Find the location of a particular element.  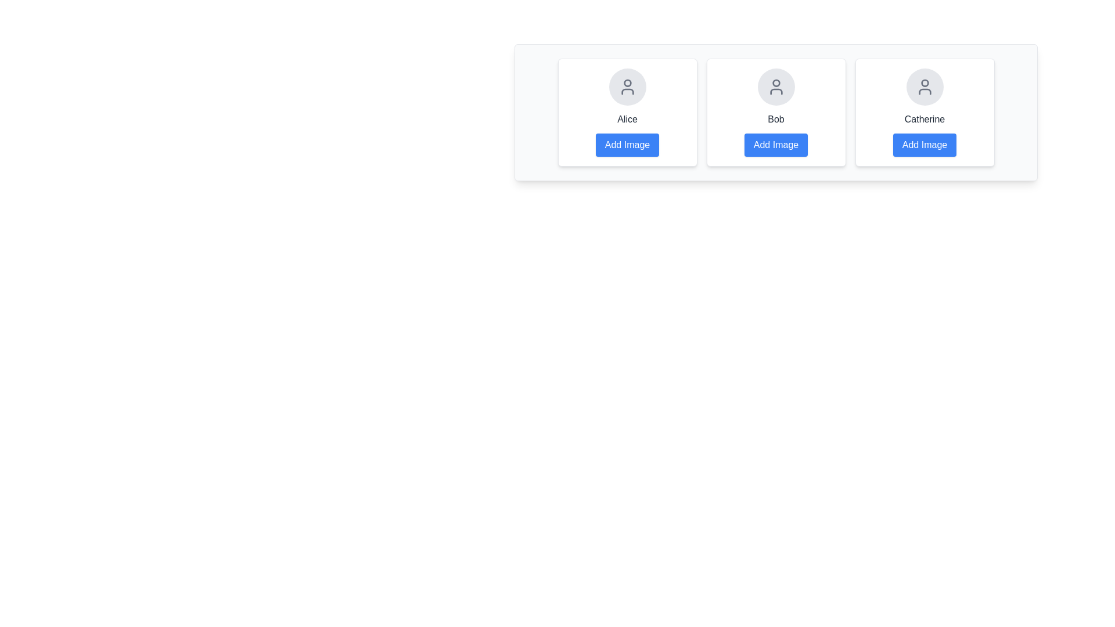

the user card of Catherine is located at coordinates (924, 112).